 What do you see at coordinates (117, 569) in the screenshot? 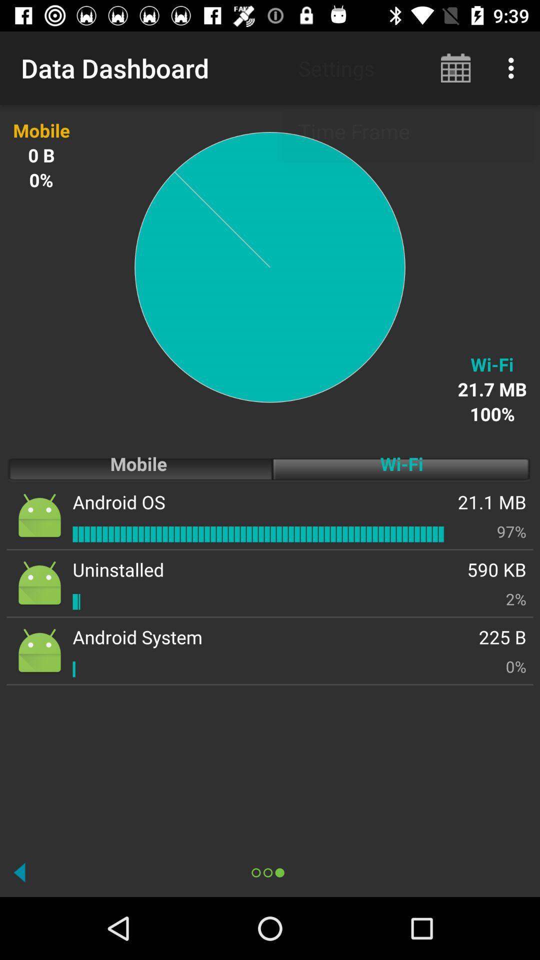
I see `the icon next to 590 kb app` at bounding box center [117, 569].